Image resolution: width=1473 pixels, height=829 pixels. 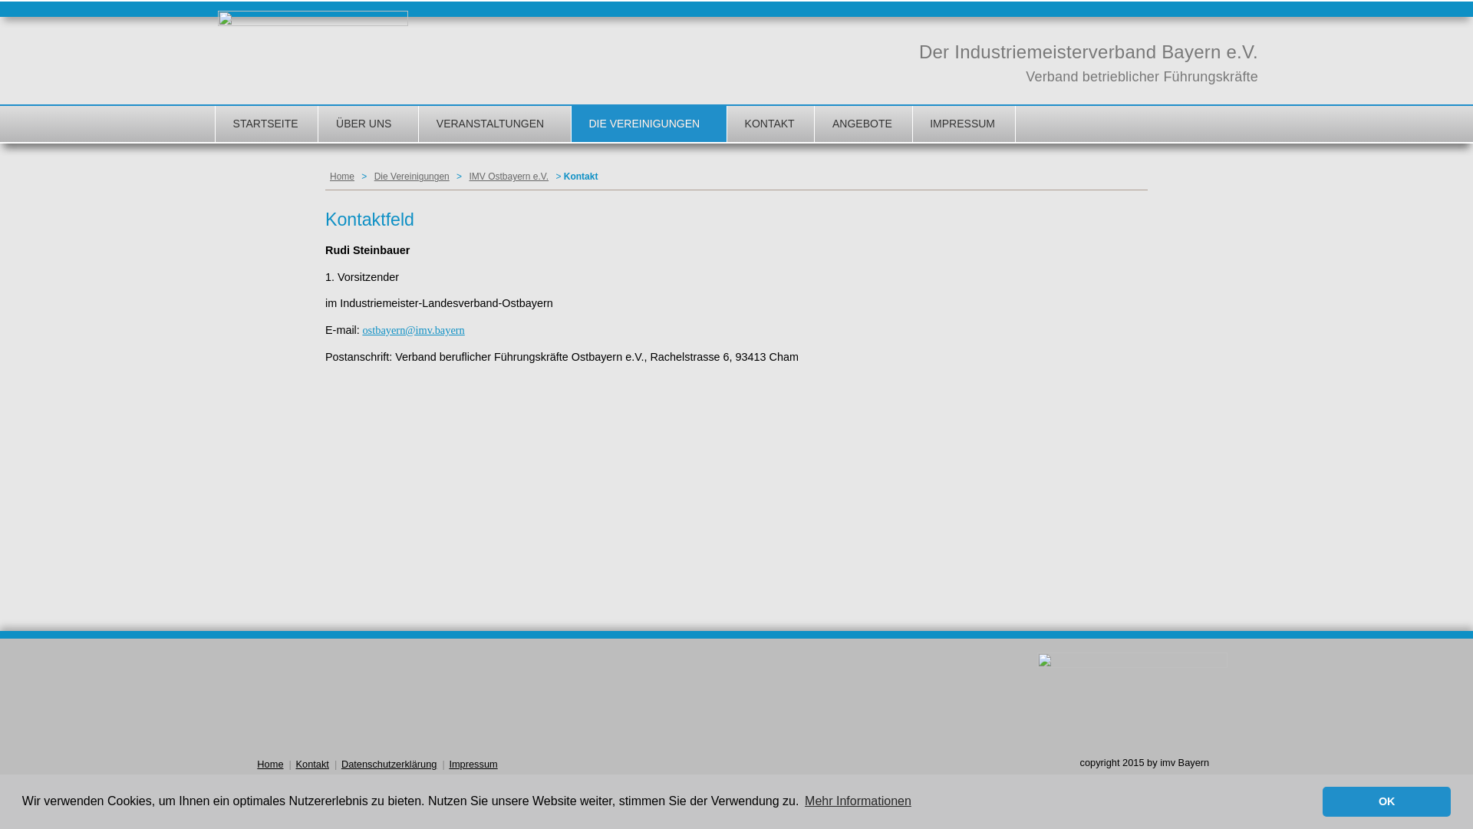 I want to click on 'DIE VEREINIGUNGEN', so click(x=648, y=123).